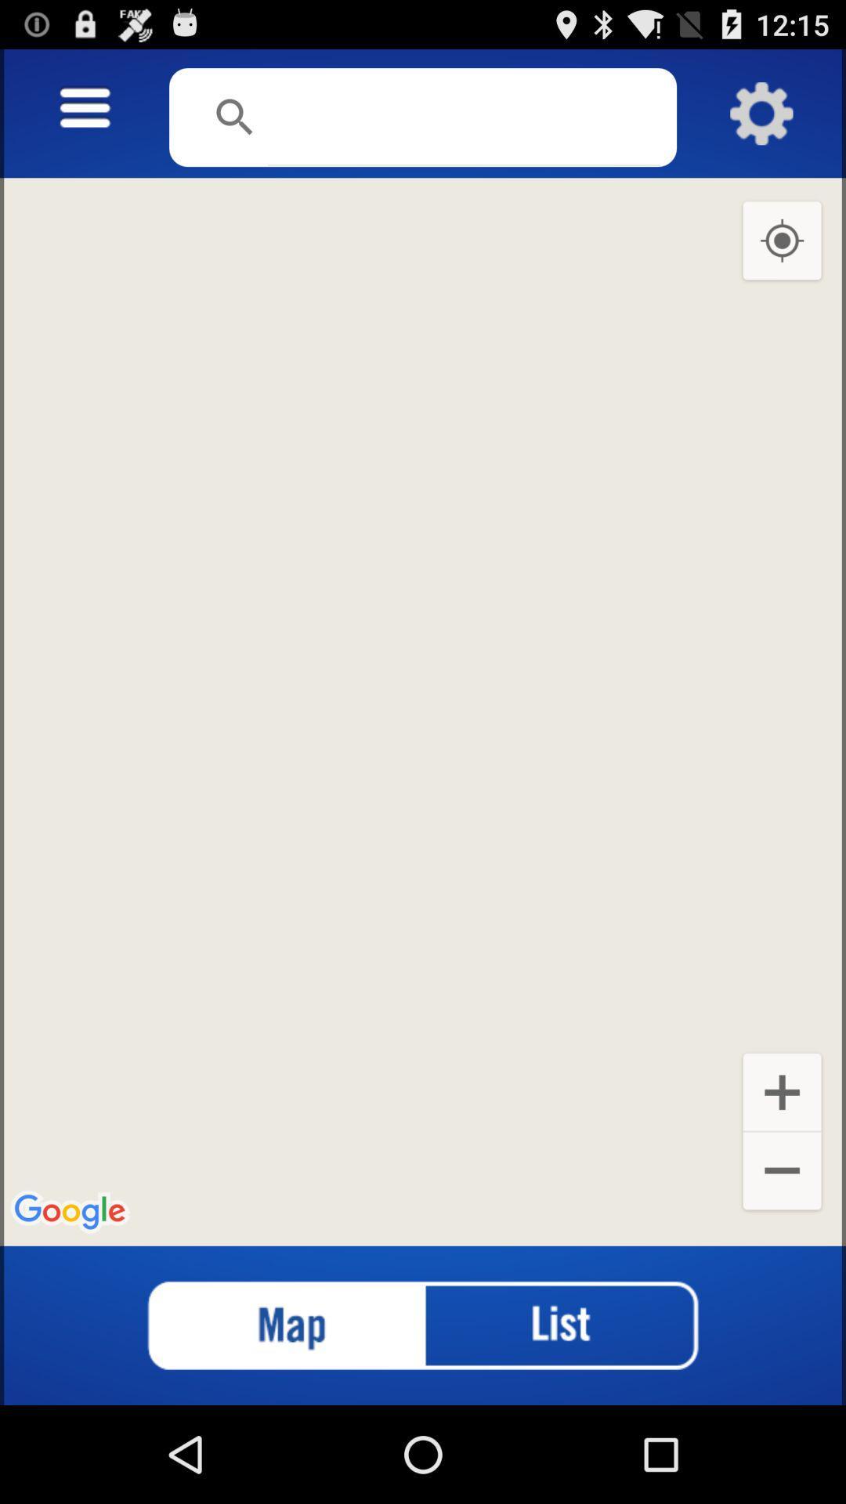  I want to click on the national_flag icon, so click(271, 1419).